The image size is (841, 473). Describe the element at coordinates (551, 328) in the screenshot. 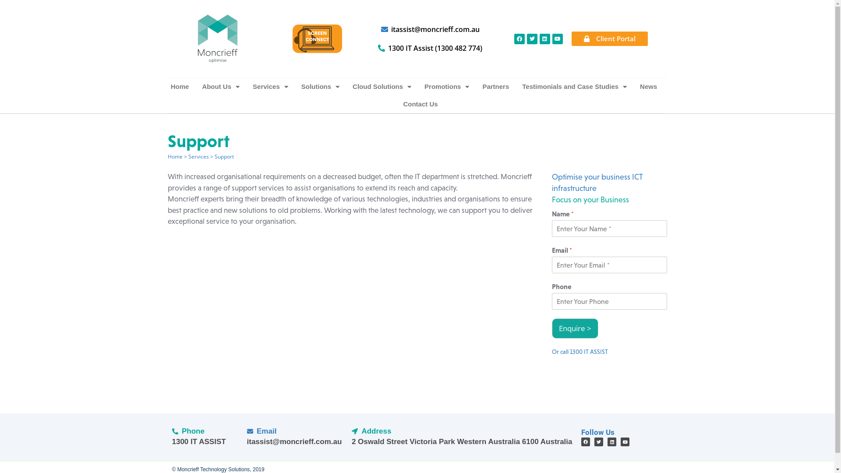

I see `'Enquire >'` at that location.